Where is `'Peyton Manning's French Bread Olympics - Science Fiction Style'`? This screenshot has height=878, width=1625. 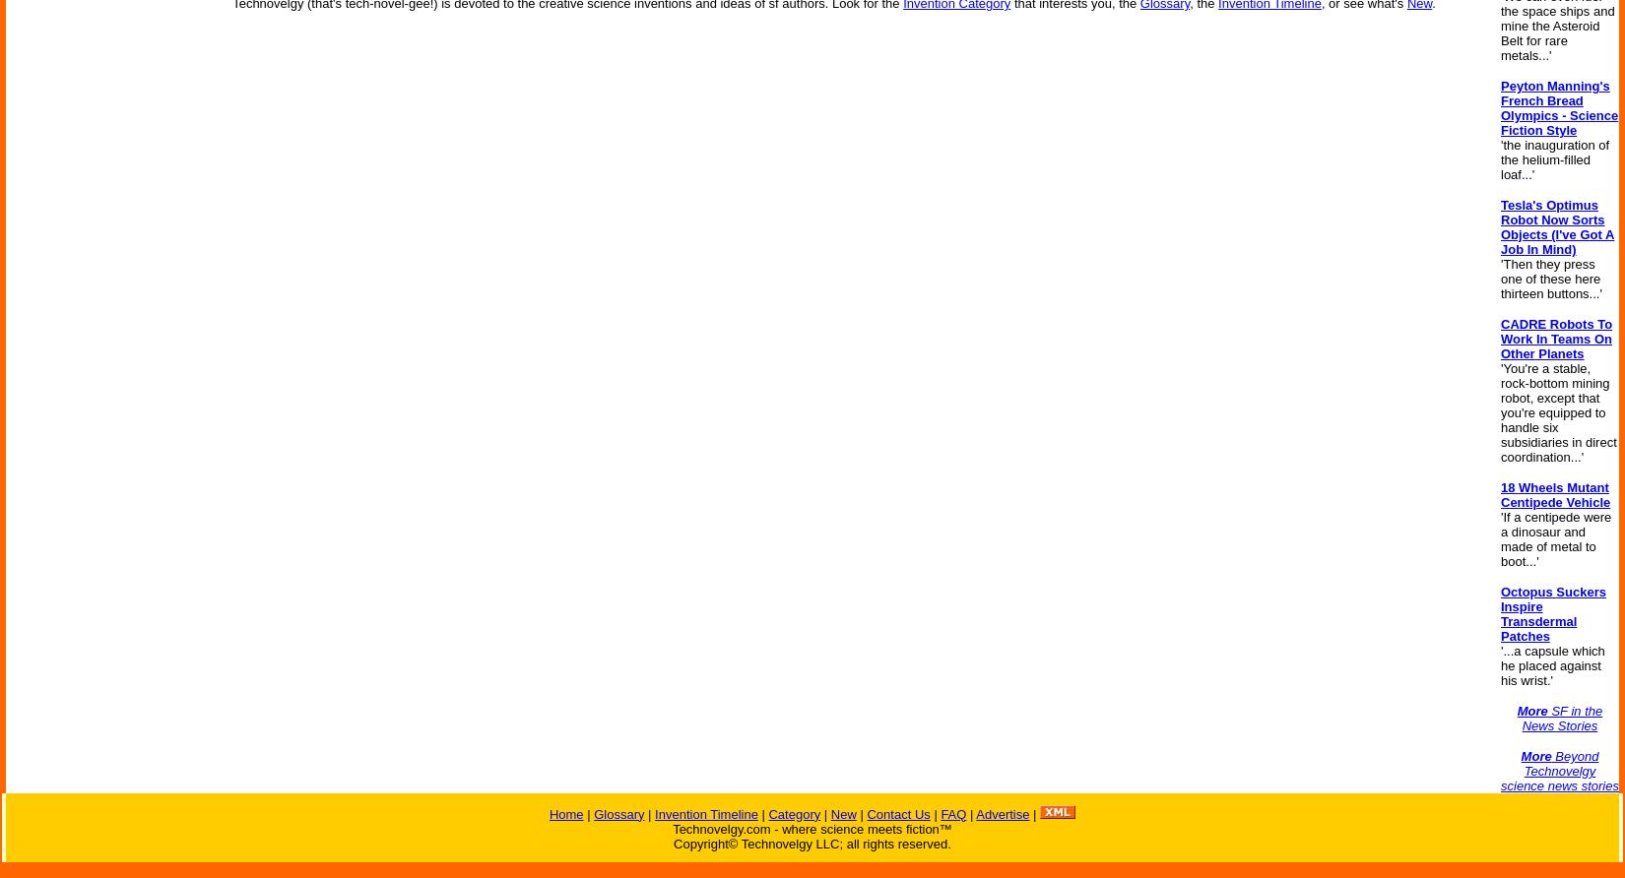
'Peyton Manning's French Bread Olympics - Science Fiction Style' is located at coordinates (1558, 107).